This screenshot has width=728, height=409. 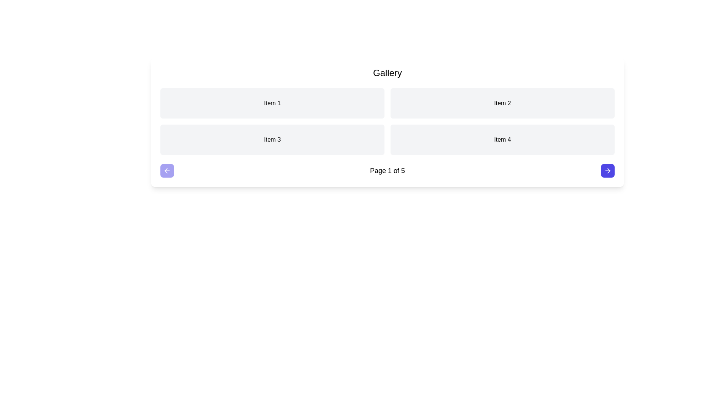 What do you see at coordinates (167, 171) in the screenshot?
I see `the arrow icon located at the bottom-left corner of the interface, which represents a navigation action to move backward or to a previous page` at bounding box center [167, 171].